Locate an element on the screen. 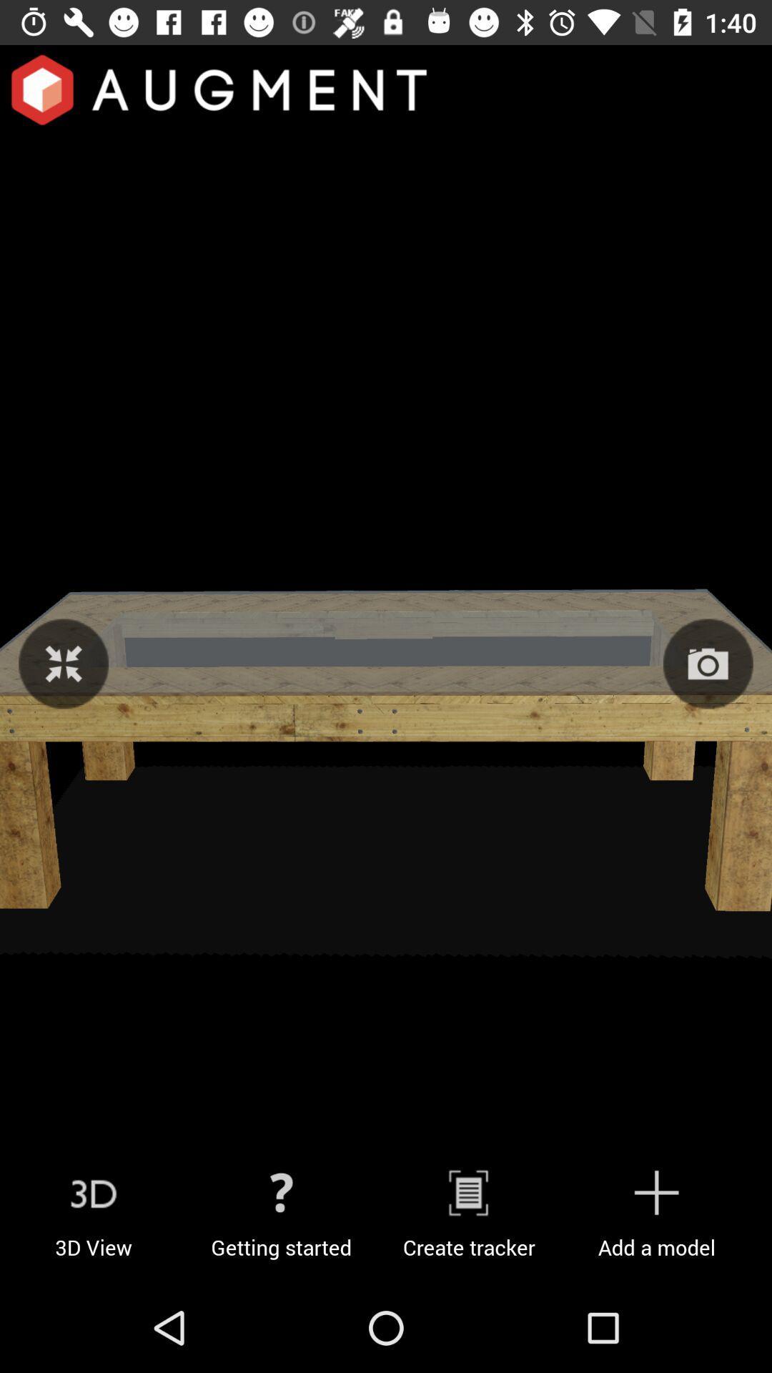 The image size is (772, 1373). change size is located at coordinates (63, 663).